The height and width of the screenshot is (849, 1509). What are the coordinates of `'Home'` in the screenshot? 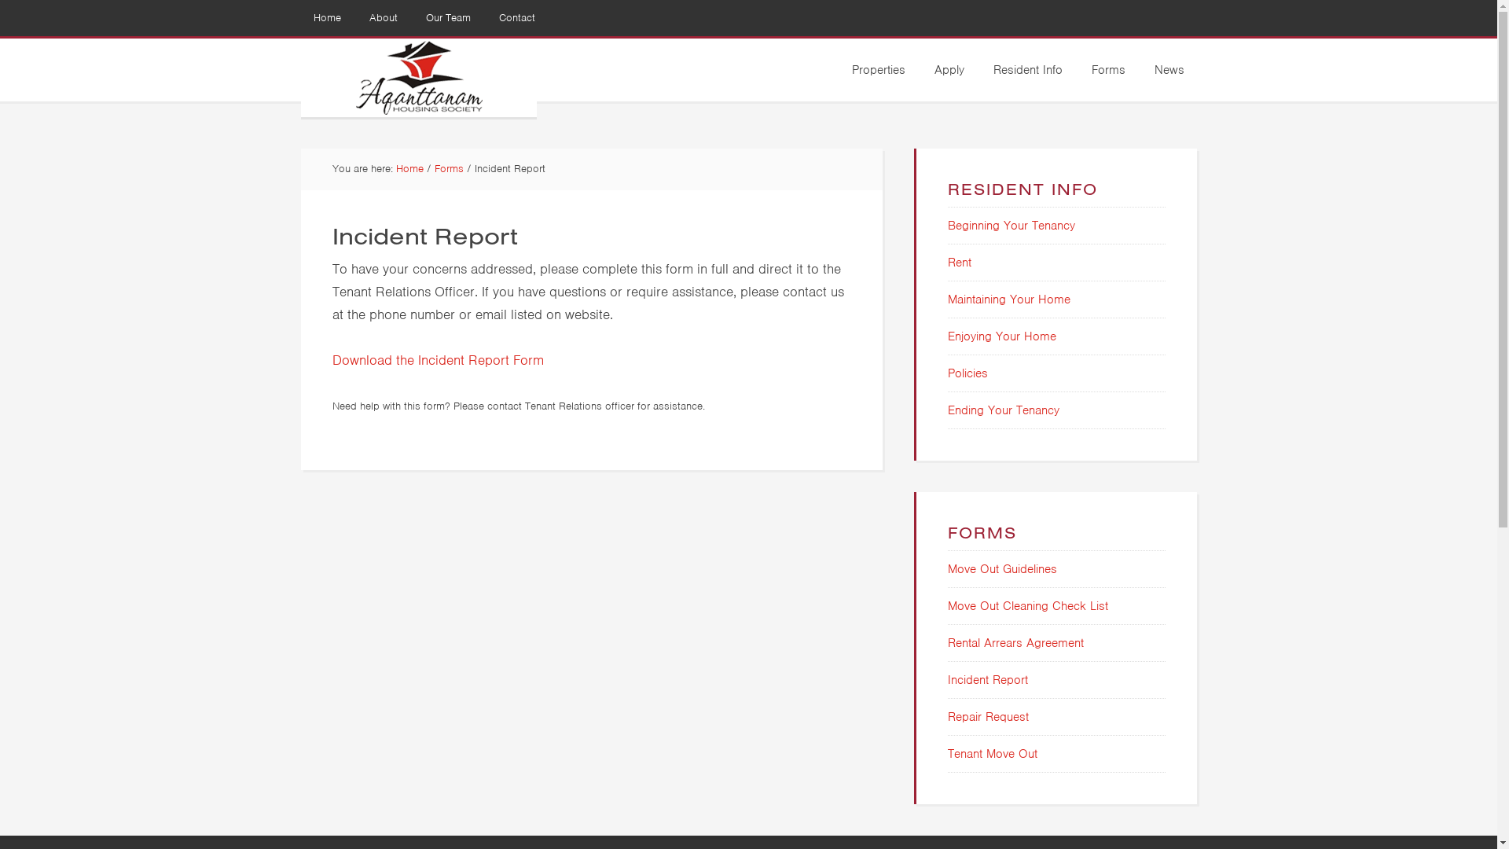 It's located at (409, 168).